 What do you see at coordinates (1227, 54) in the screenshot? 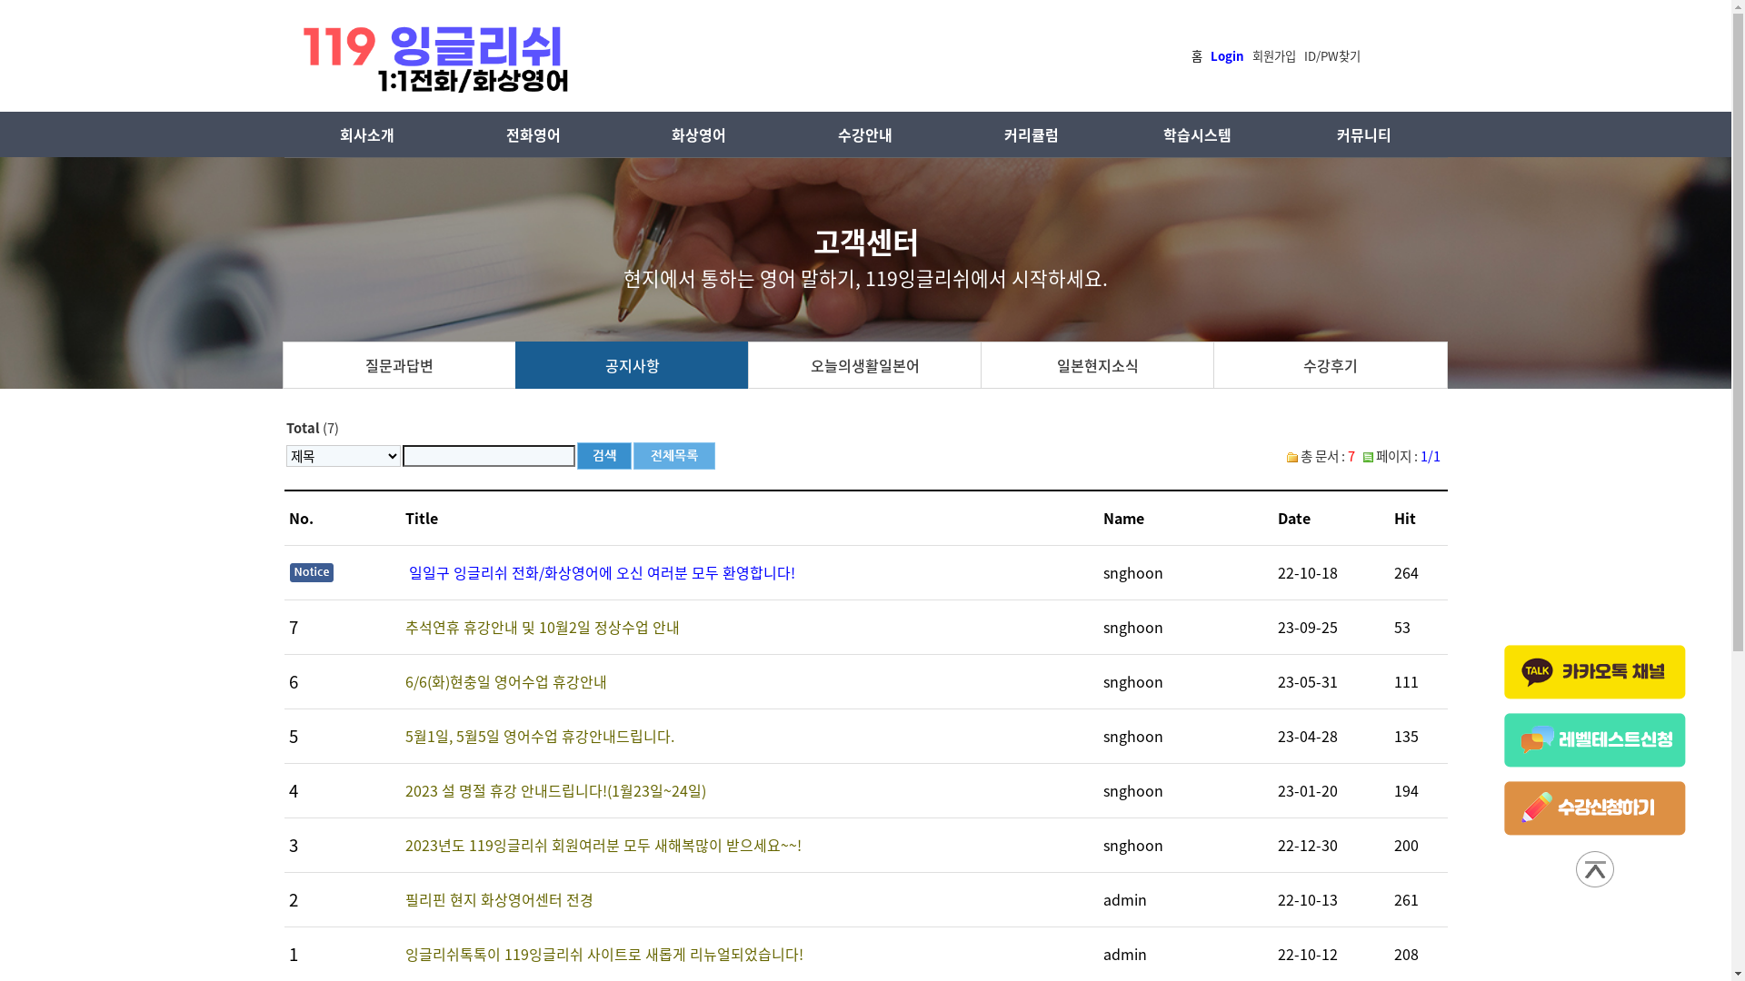
I see `'Login'` at bounding box center [1227, 54].